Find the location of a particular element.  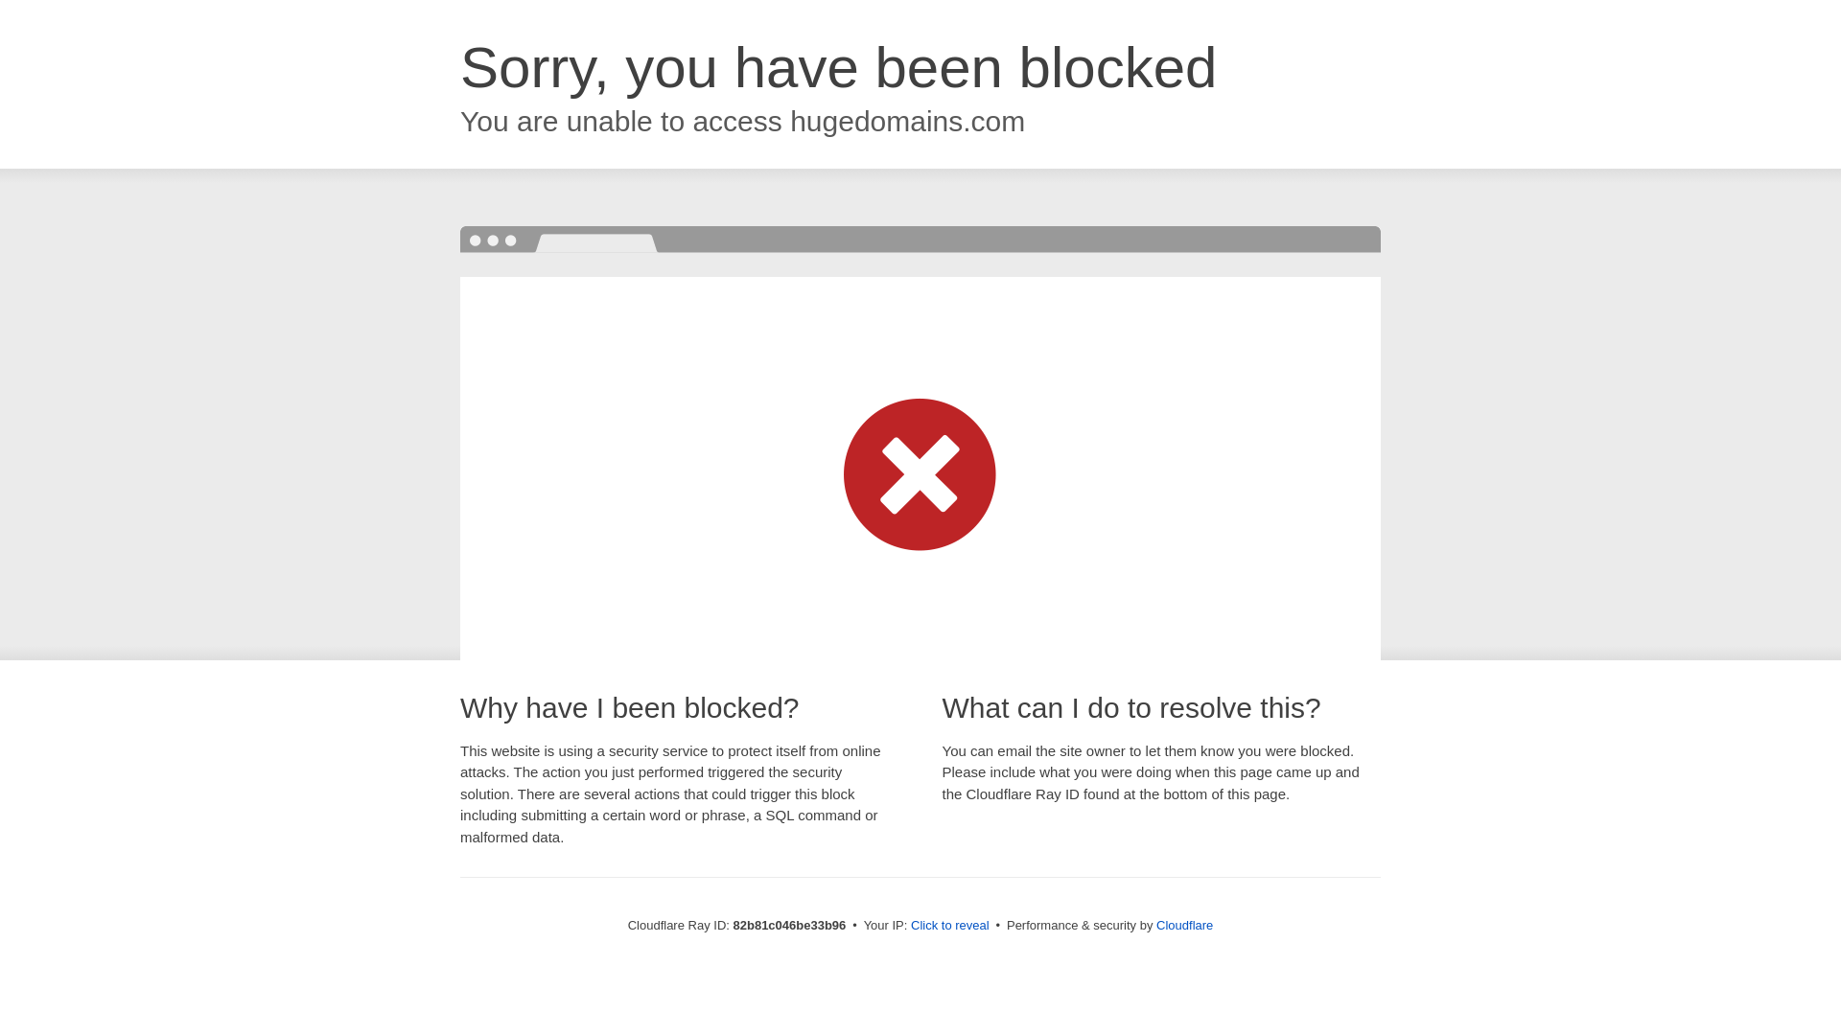

'Click to reveal' is located at coordinates (910, 924).